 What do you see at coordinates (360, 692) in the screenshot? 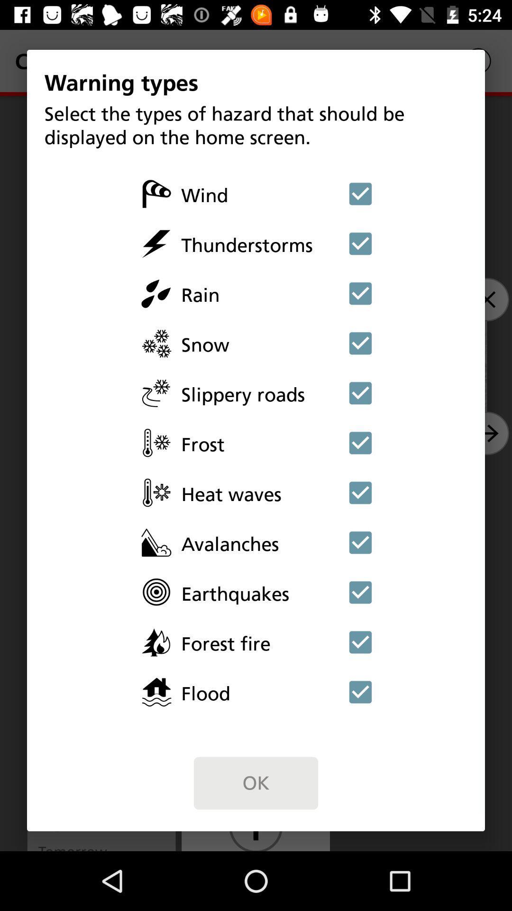
I see `flood warning` at bounding box center [360, 692].